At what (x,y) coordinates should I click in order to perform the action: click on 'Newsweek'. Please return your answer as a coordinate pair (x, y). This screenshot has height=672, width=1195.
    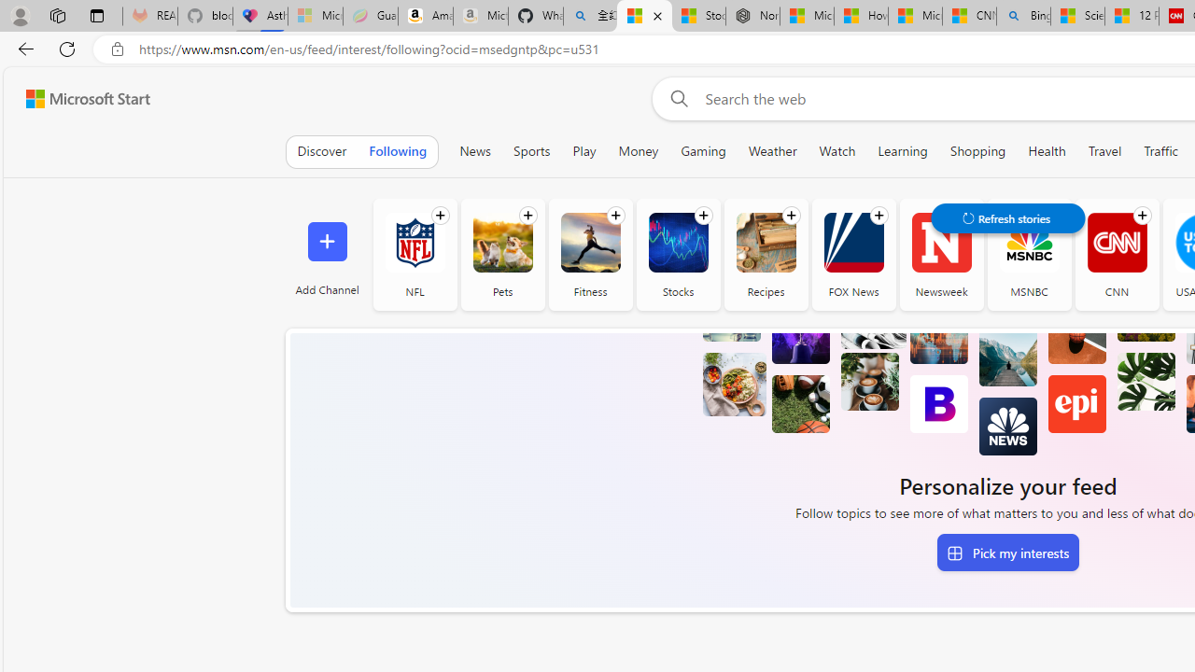
    Looking at the image, I should click on (941, 254).